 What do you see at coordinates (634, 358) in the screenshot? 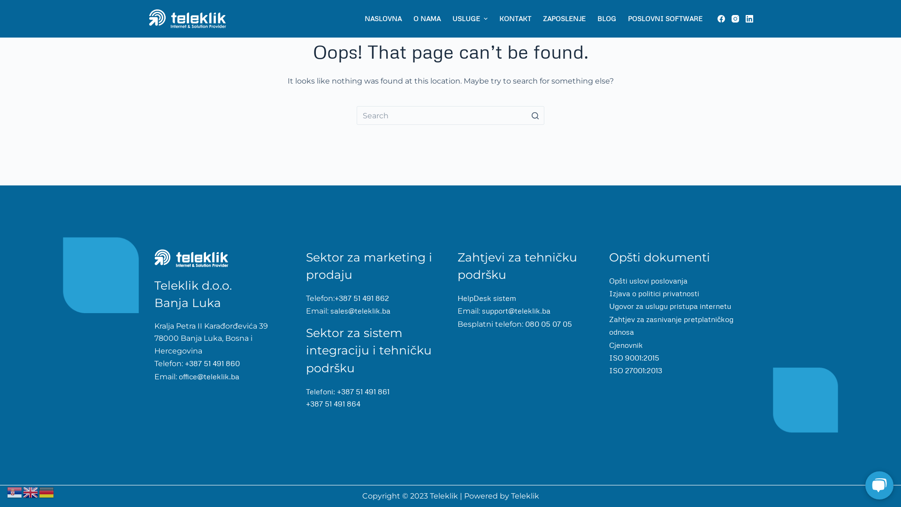
I see `'ISO 9001:2015'` at bounding box center [634, 358].